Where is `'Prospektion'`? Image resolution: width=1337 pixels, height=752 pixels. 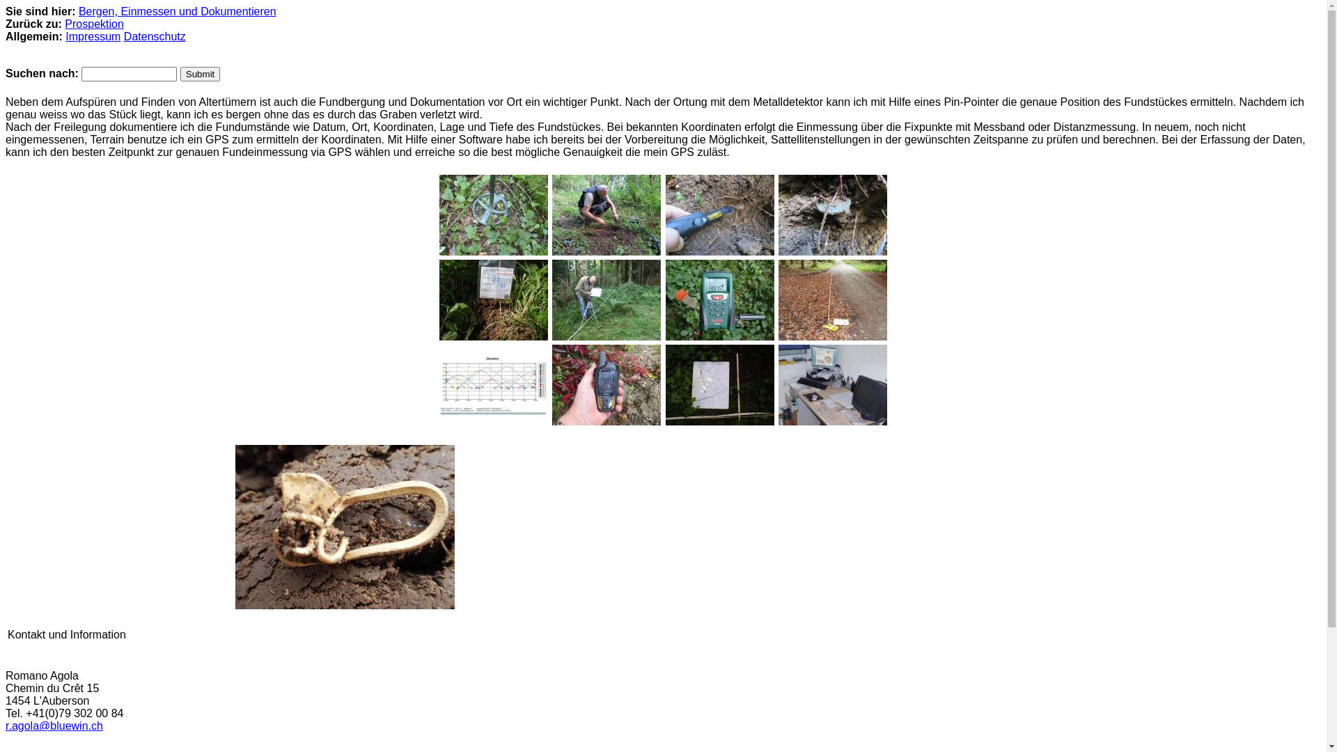 'Prospektion' is located at coordinates (93, 24).